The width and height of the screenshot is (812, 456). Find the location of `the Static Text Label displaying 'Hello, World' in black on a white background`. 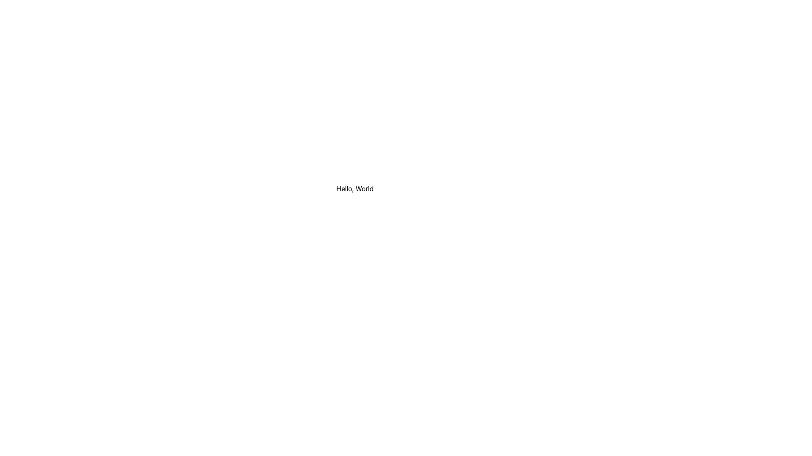

the Static Text Label displaying 'Hello, World' in black on a white background is located at coordinates (355, 188).